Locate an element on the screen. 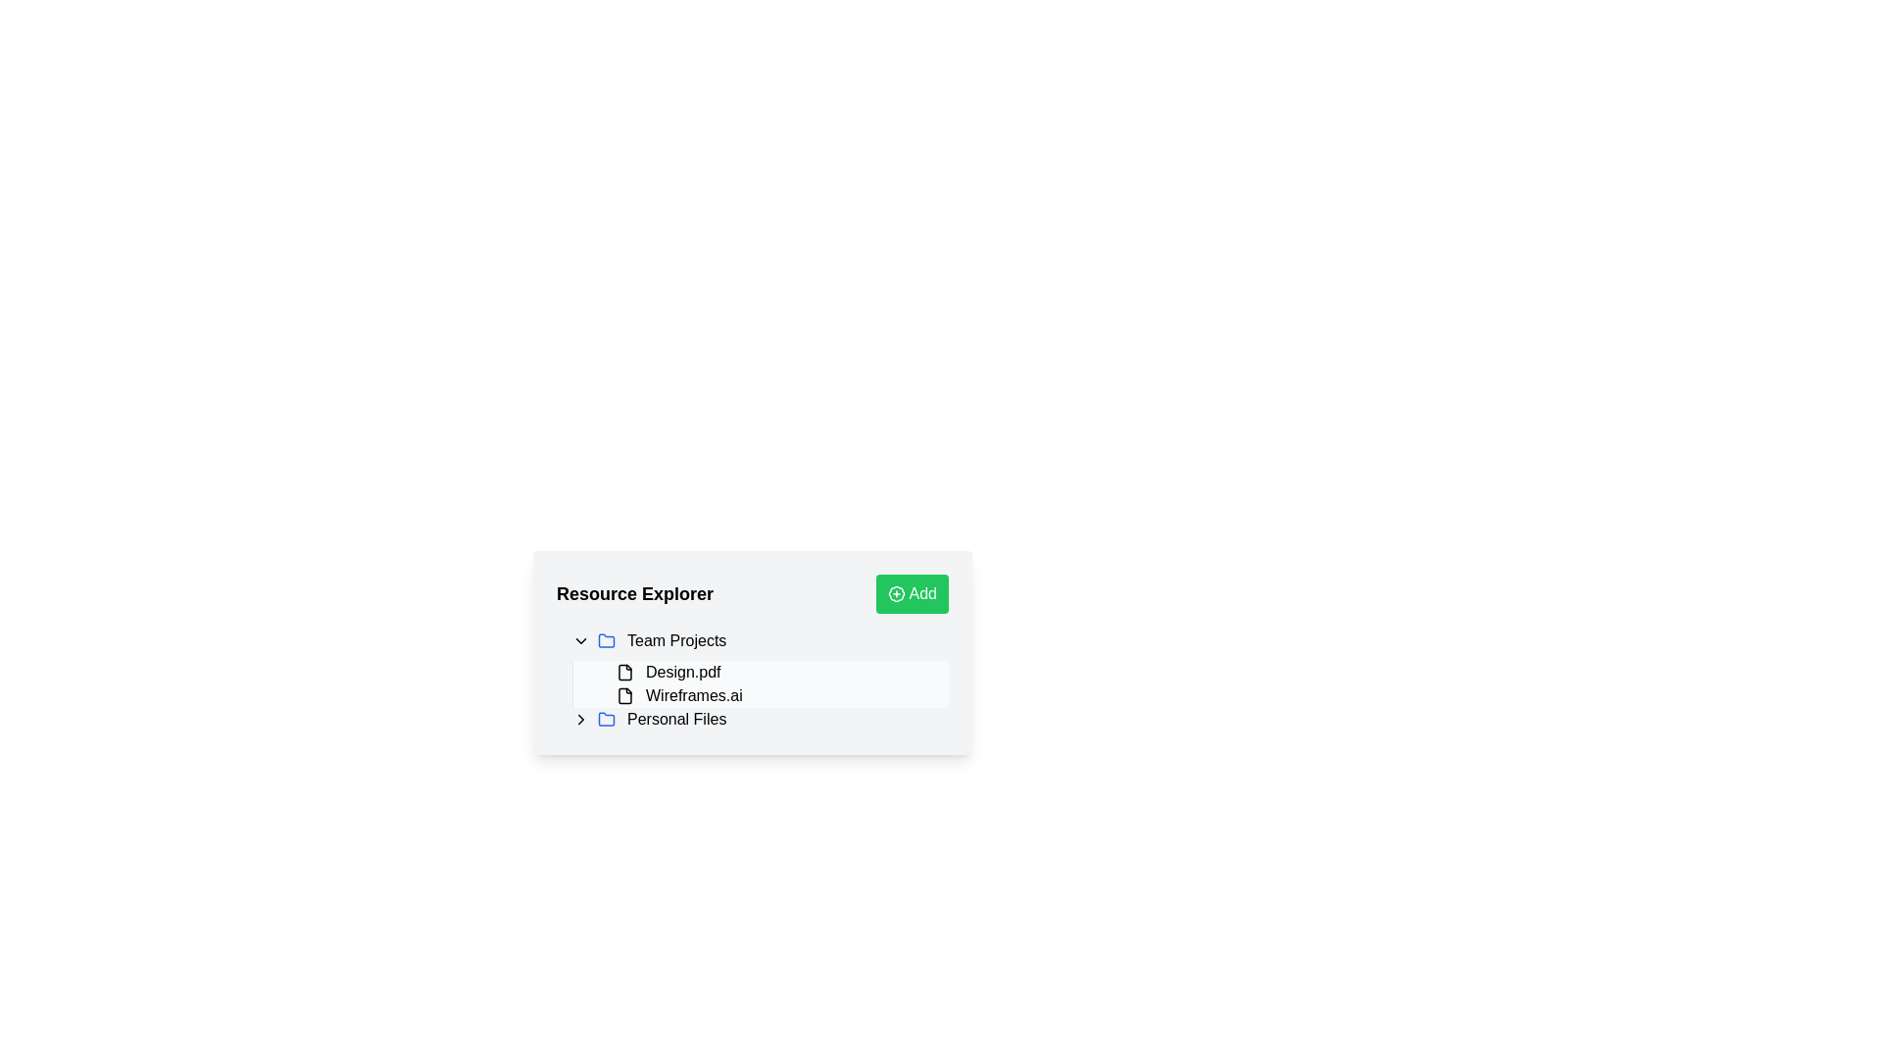 The image size is (1882, 1059). the 'Add' button with a green background and white text in the 'Resource Explorer' section is located at coordinates (911, 592).